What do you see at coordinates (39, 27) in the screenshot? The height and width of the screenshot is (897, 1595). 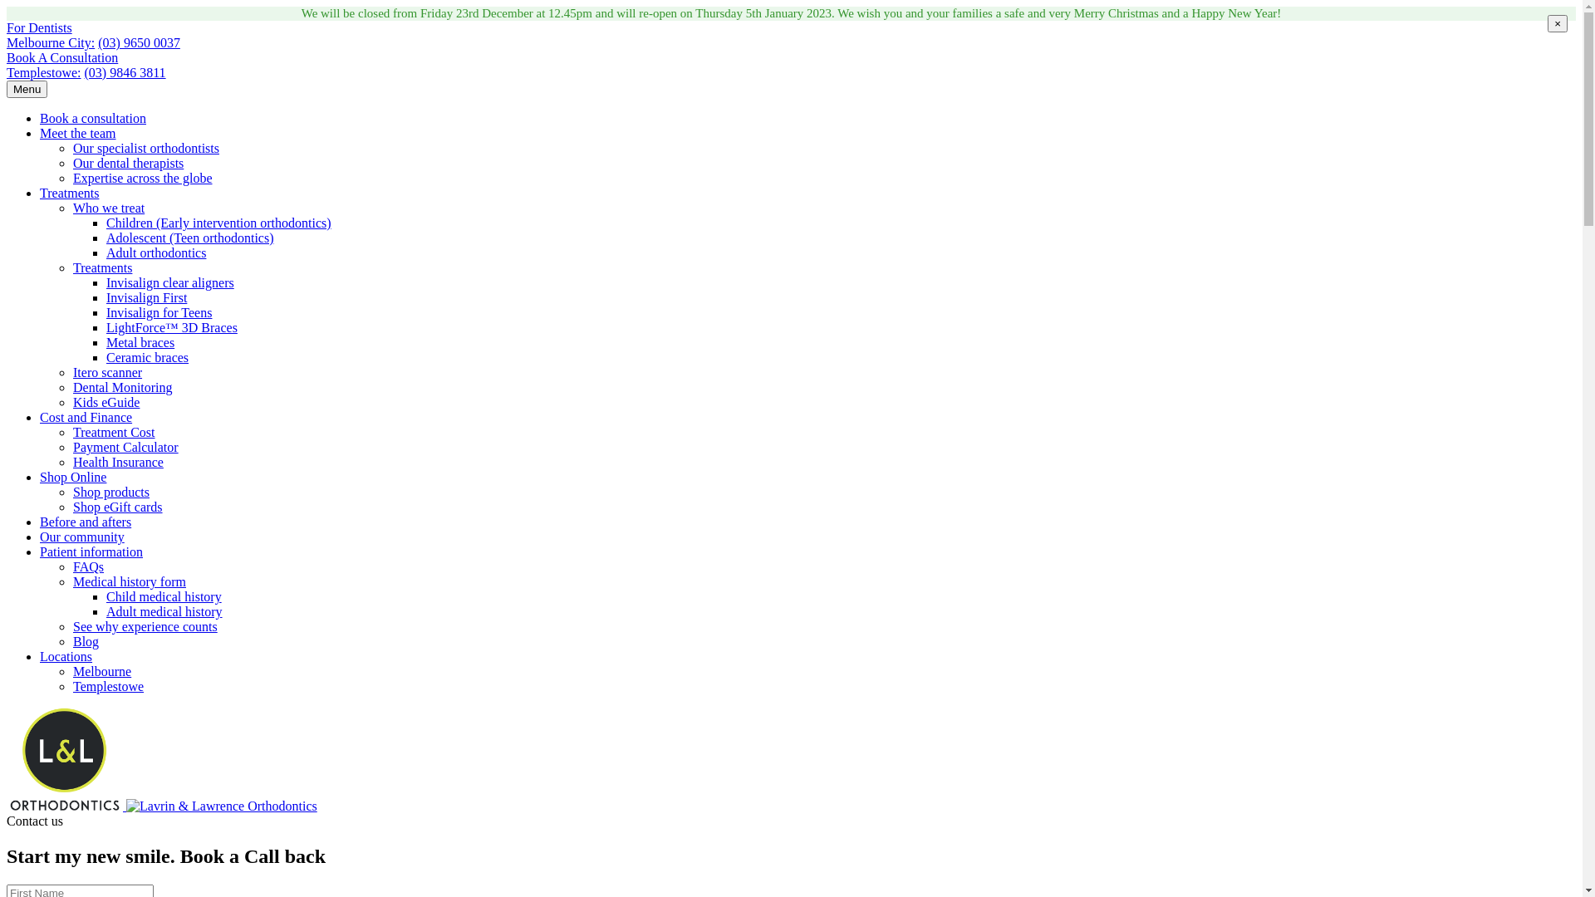 I see `'For Dentists'` at bounding box center [39, 27].